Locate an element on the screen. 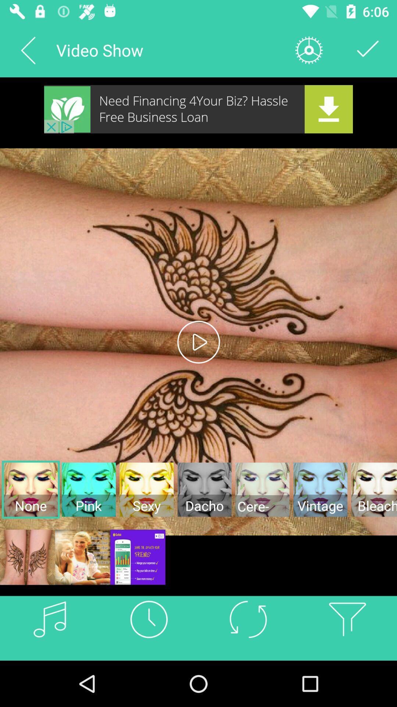  the check icon is located at coordinates (368, 50).